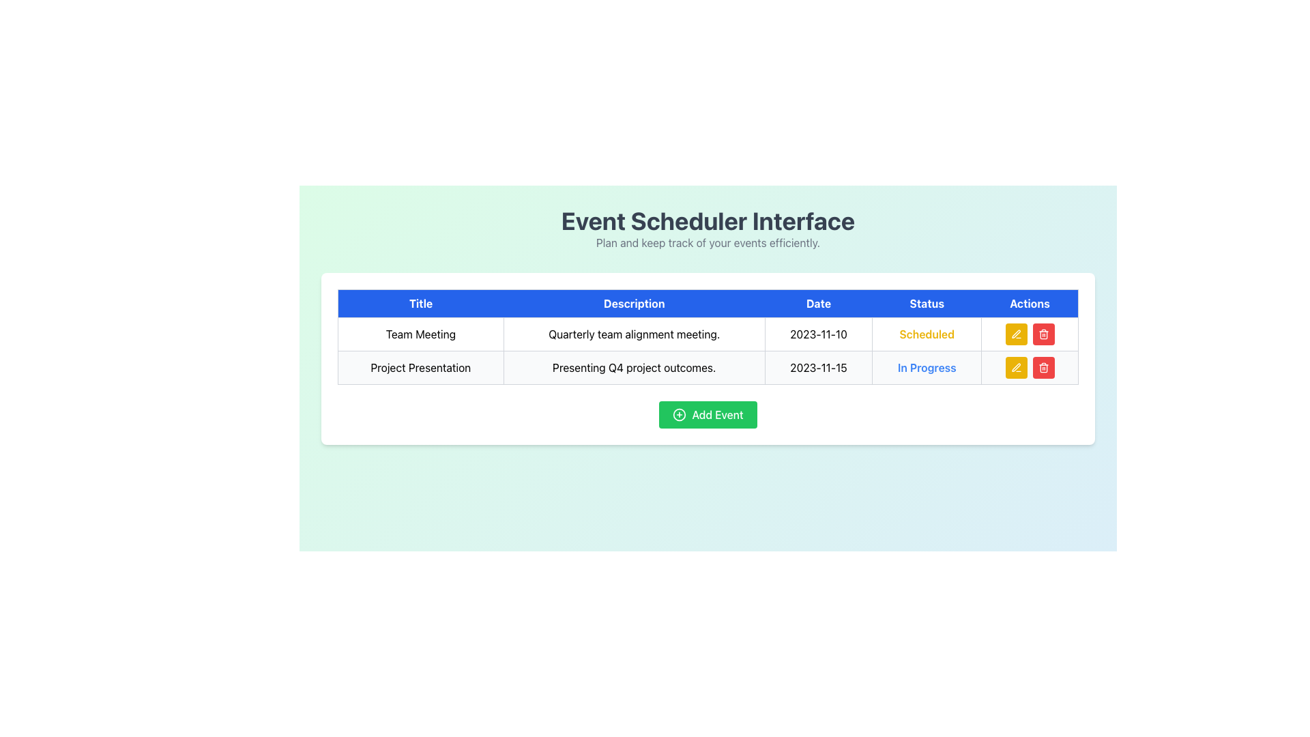 This screenshot has width=1310, height=737. What do you see at coordinates (1043, 334) in the screenshot?
I see `the trash bin icon button, which is red in color and located under the 'Actions' column in the second row of the table view` at bounding box center [1043, 334].